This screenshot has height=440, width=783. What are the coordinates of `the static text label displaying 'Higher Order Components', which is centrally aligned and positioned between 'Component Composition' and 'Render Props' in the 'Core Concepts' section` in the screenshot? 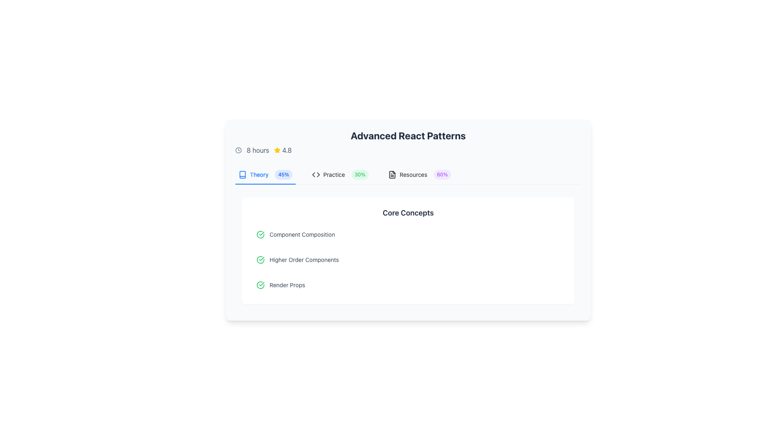 It's located at (304, 260).